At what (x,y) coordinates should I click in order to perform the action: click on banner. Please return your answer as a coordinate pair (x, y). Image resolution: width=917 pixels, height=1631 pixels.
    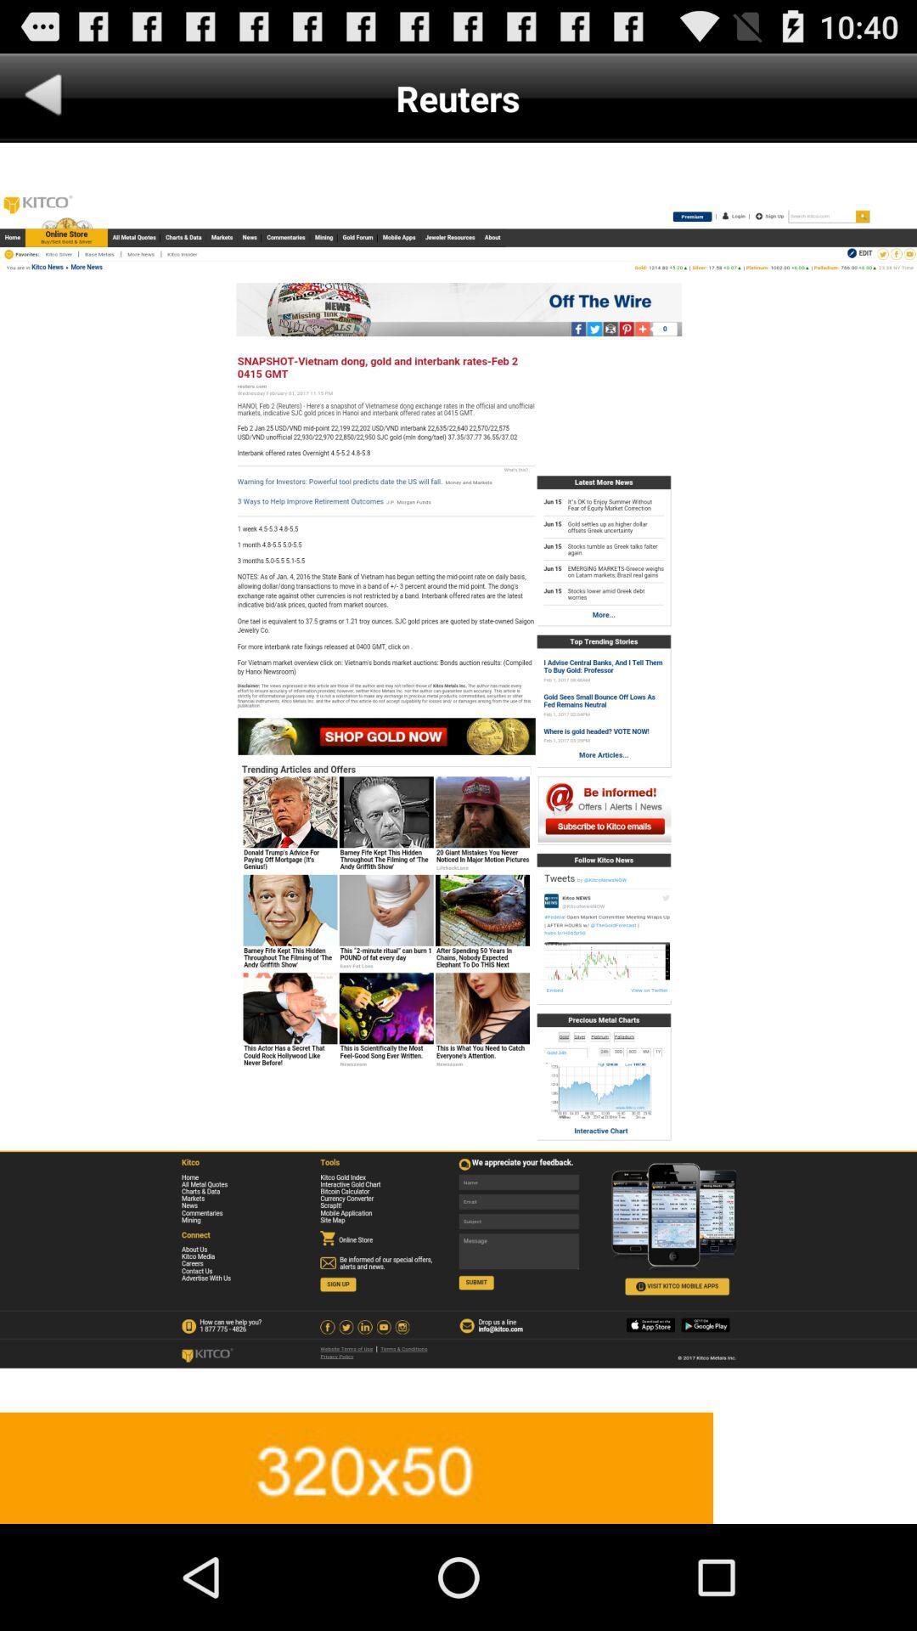
    Looking at the image, I should click on (458, 1467).